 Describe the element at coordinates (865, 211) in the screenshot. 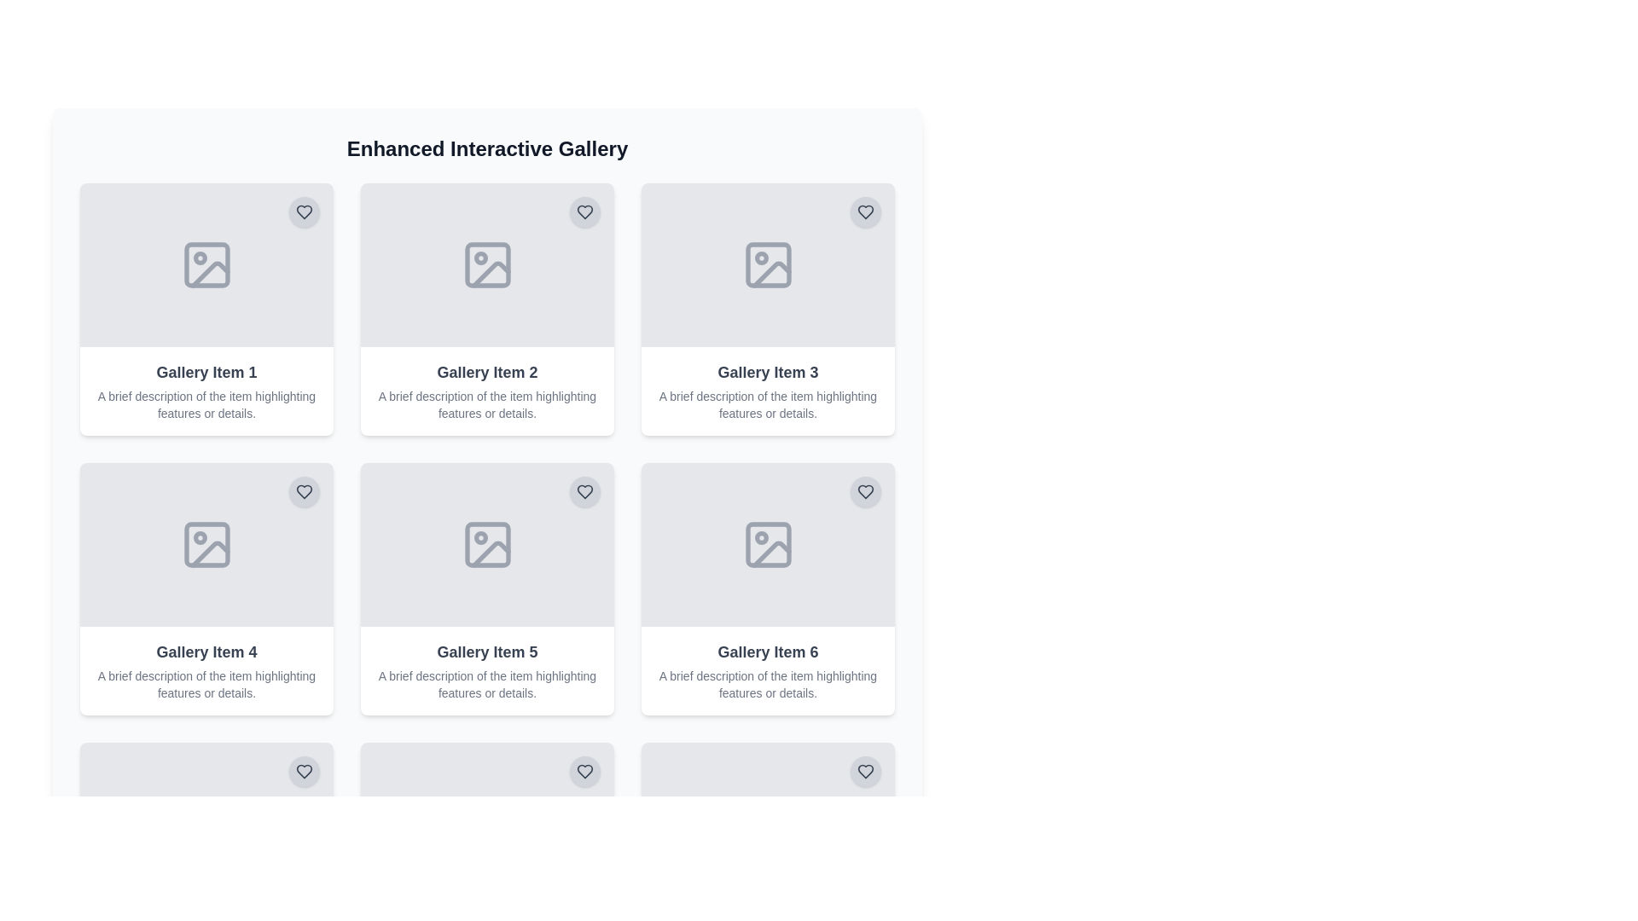

I see `the heart-shaped icon located at the top-right corner of the panel of 'Gallery Item 3', characterized by its thin stroke and hollow center` at that location.